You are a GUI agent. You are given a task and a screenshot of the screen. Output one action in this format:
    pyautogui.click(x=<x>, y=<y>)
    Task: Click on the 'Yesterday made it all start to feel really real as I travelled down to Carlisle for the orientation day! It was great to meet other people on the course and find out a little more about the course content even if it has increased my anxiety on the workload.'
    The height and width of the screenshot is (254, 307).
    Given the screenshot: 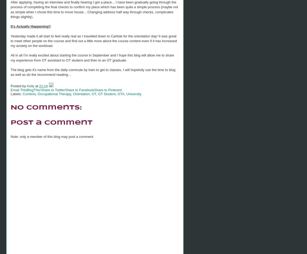 What is the action you would take?
    pyautogui.click(x=93, y=41)
    